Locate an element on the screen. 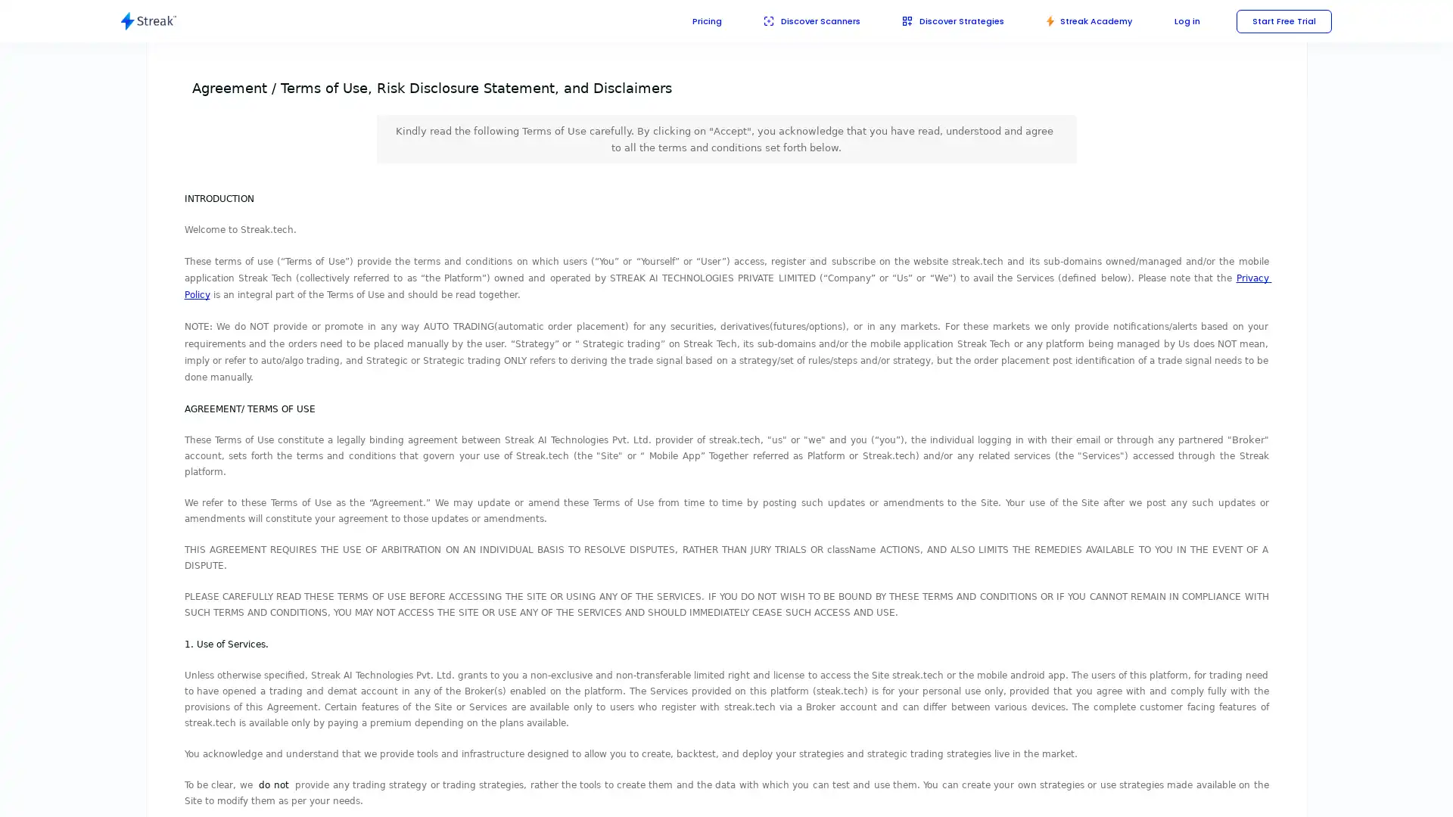 The image size is (1453, 817). Discover Scanners is located at coordinates (792, 20).